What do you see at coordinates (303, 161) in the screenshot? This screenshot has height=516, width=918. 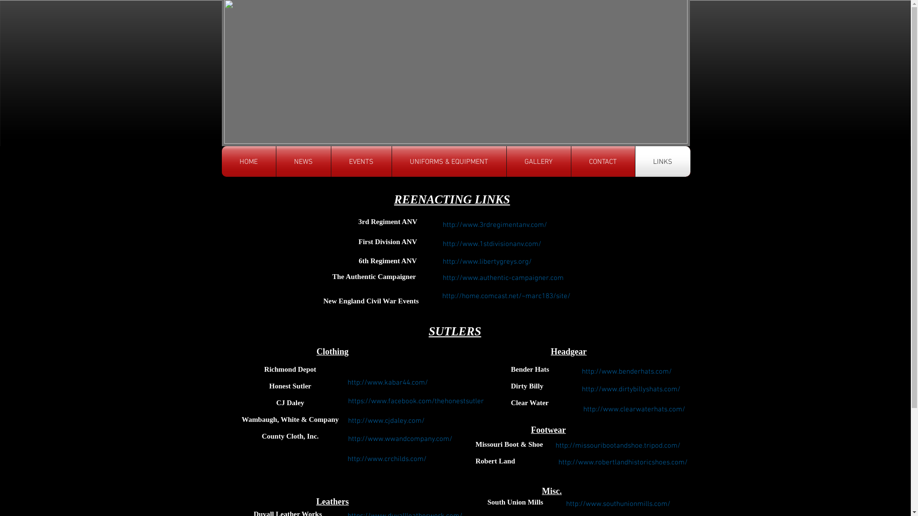 I see `'NEWS'` at bounding box center [303, 161].